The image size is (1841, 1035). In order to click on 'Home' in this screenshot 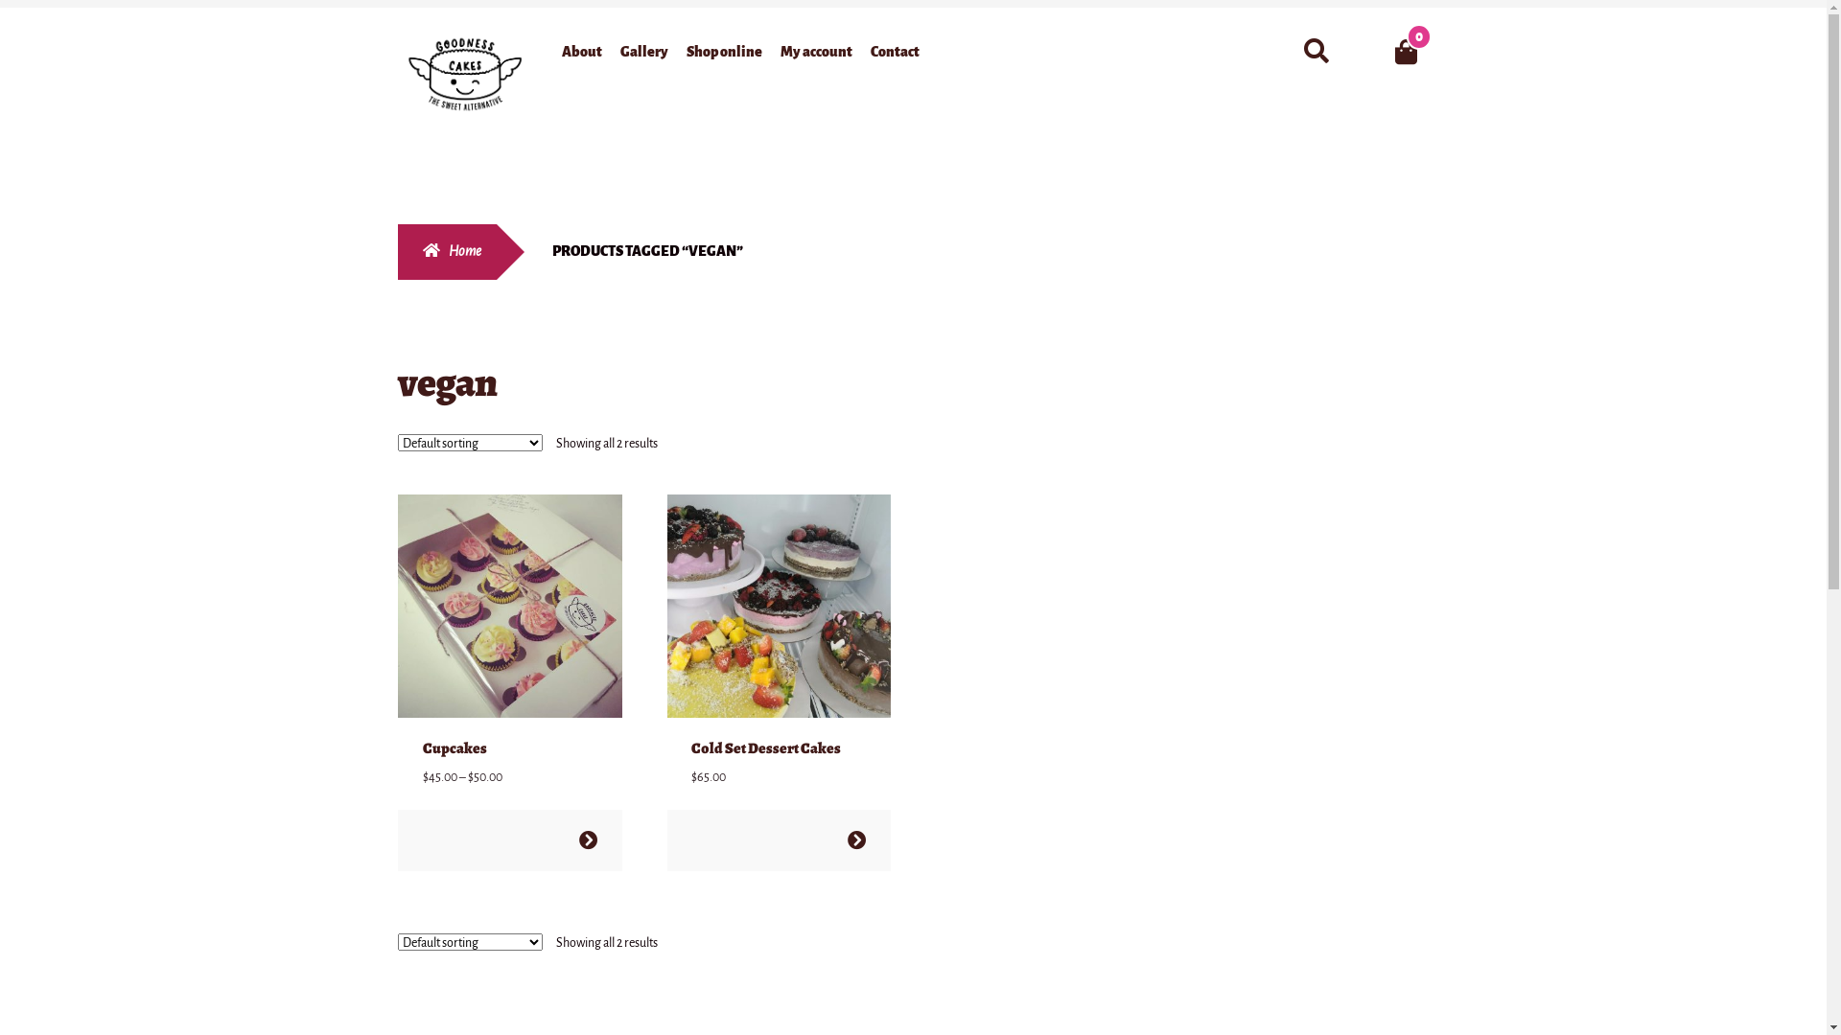, I will do `click(396, 250)`.